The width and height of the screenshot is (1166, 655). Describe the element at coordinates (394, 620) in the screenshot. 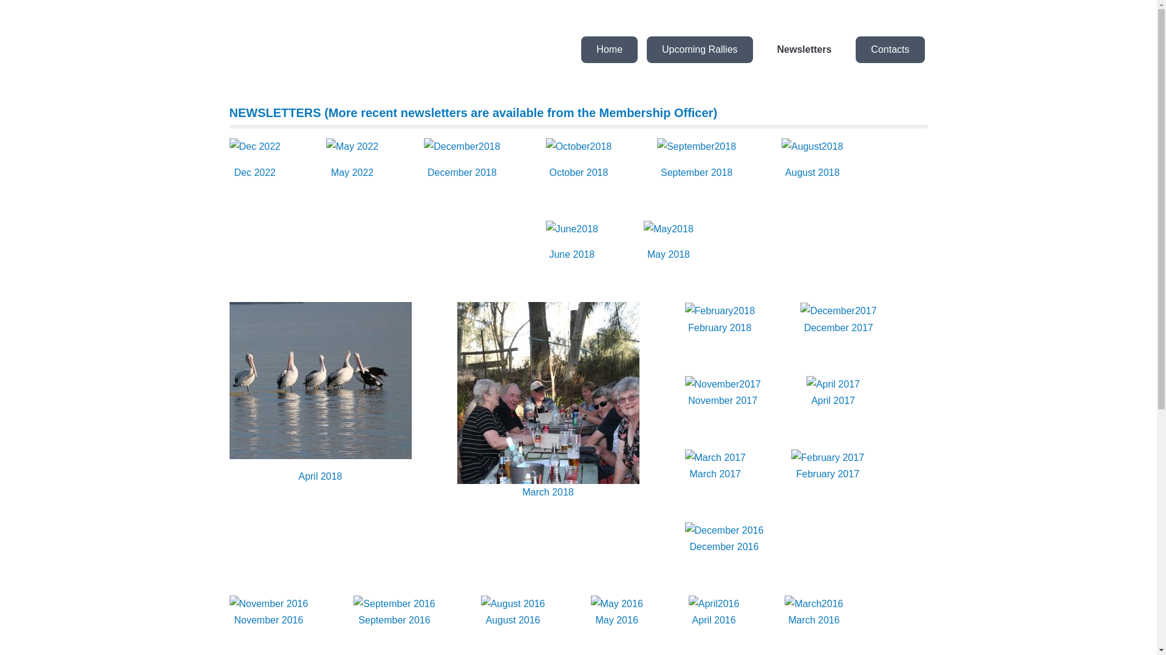

I see `'September 2016'` at that location.